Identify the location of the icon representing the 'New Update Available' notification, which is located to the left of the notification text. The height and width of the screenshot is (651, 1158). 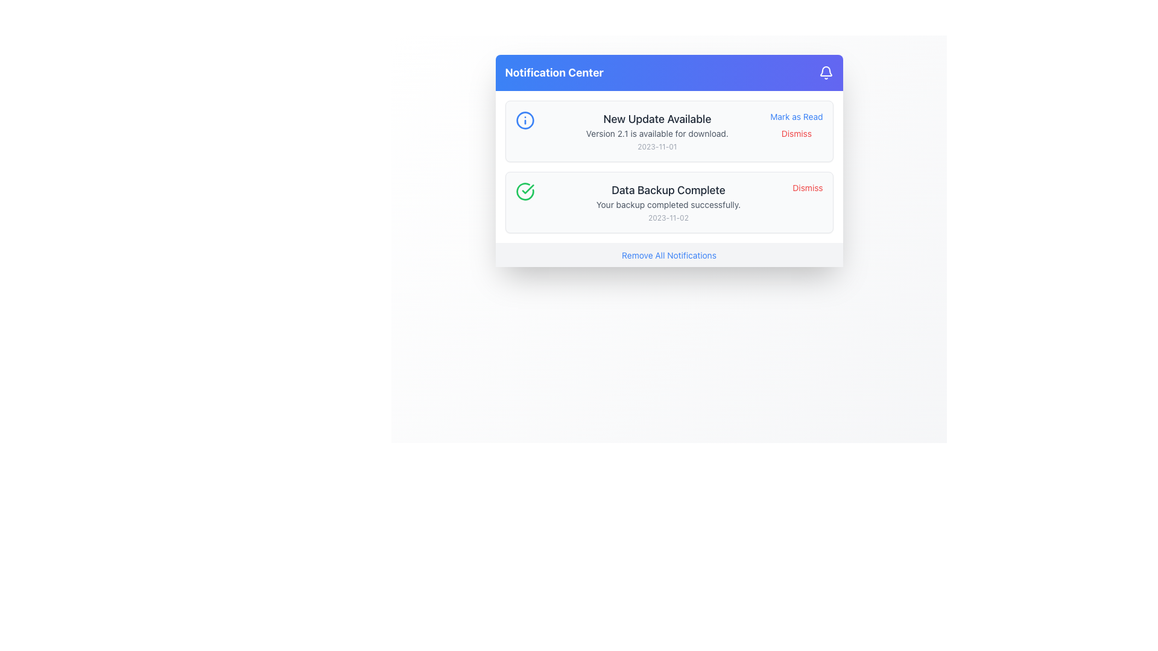
(525, 121).